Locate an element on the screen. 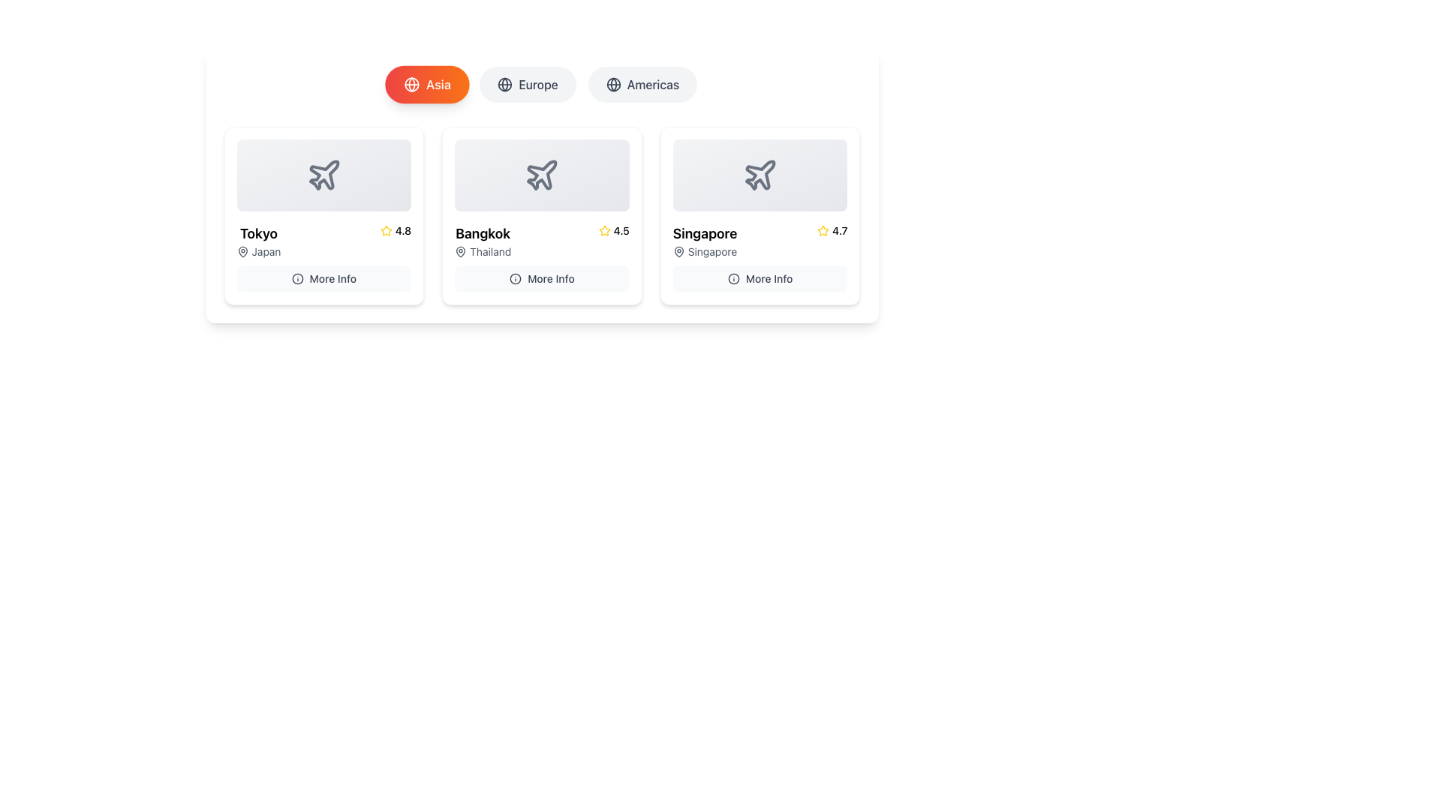 The height and width of the screenshot is (810, 1441). 'Tokyo' text label, which serves as the title for the associated card representing the destination of Tokyo, located in the first column of a horizontal layout of cards is located at coordinates (259, 234).